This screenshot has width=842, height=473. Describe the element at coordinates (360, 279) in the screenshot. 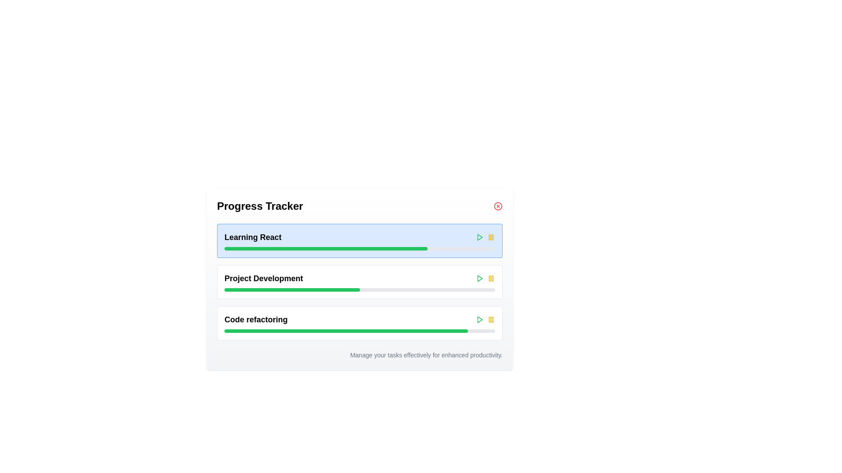

I see `the 'Project Development' progress bar` at that location.